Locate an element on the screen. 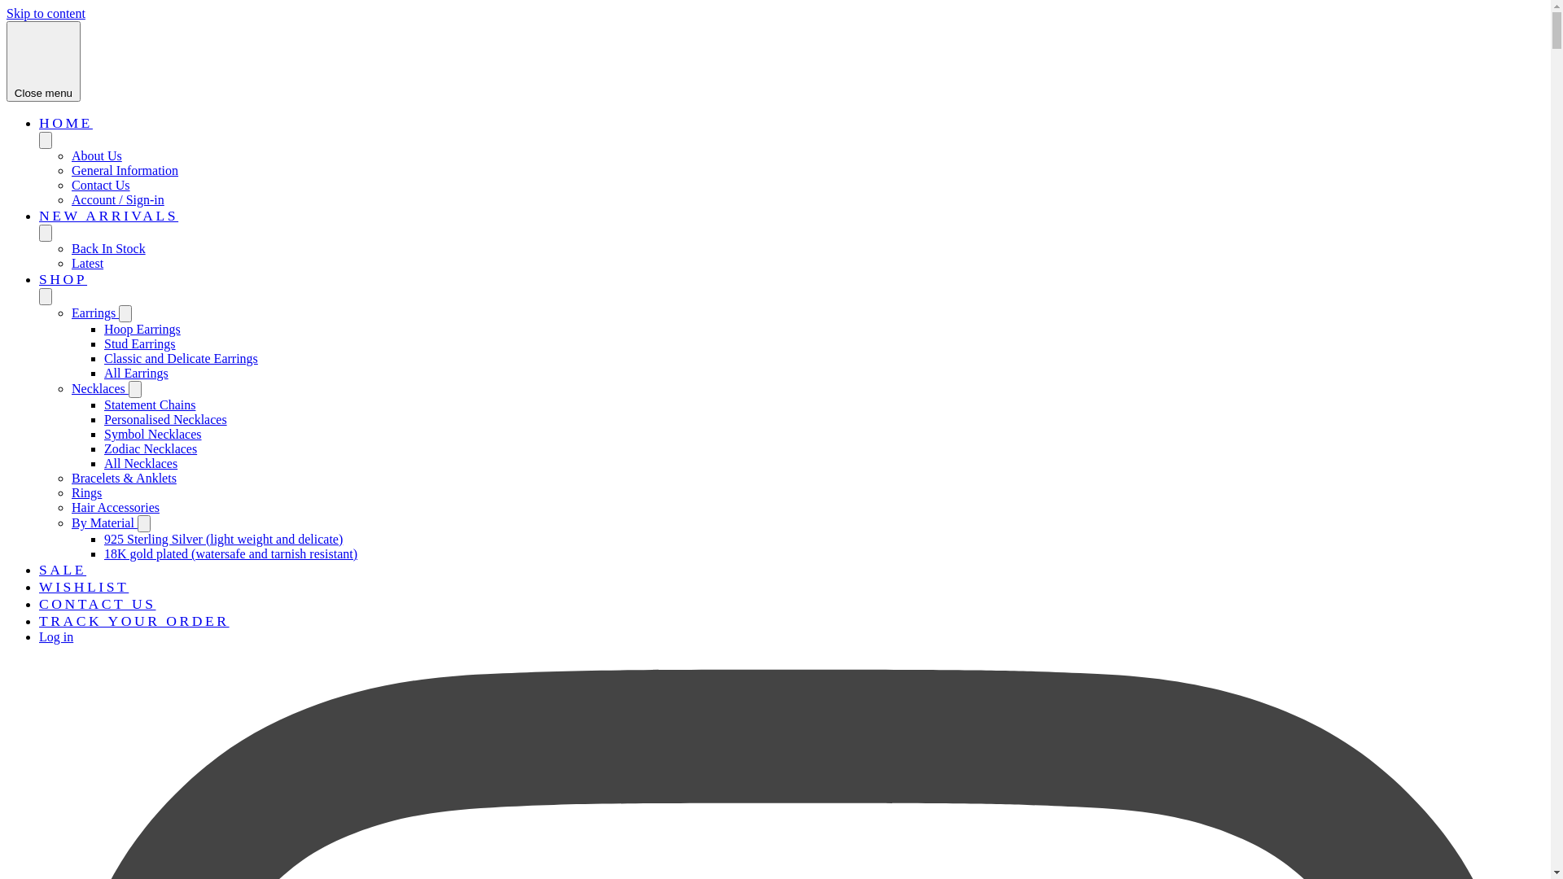 The width and height of the screenshot is (1563, 879). 'Skip to content' is located at coordinates (7, 13).